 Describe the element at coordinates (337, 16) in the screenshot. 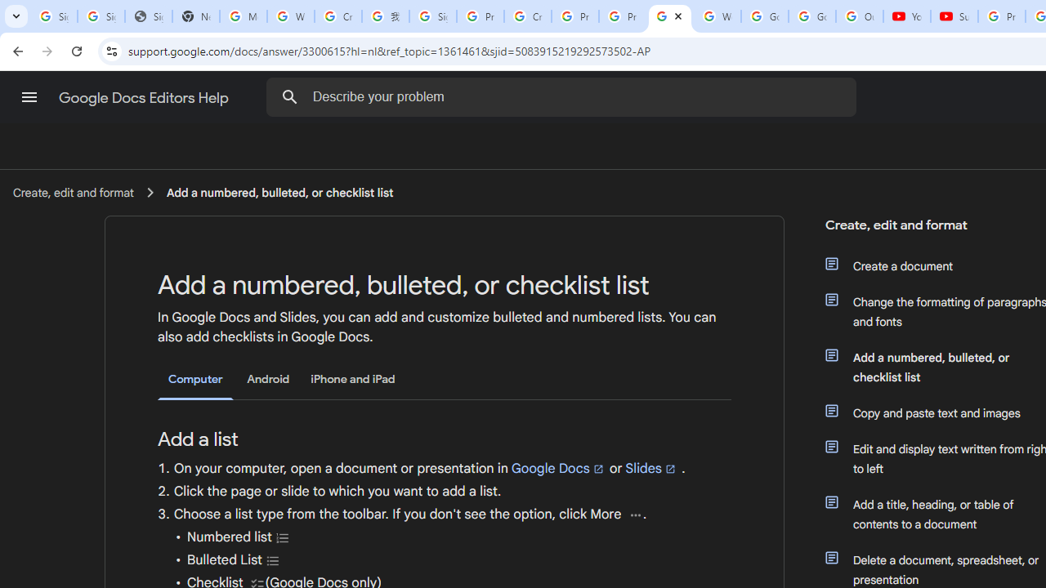

I see `'Create your Google Account'` at that location.